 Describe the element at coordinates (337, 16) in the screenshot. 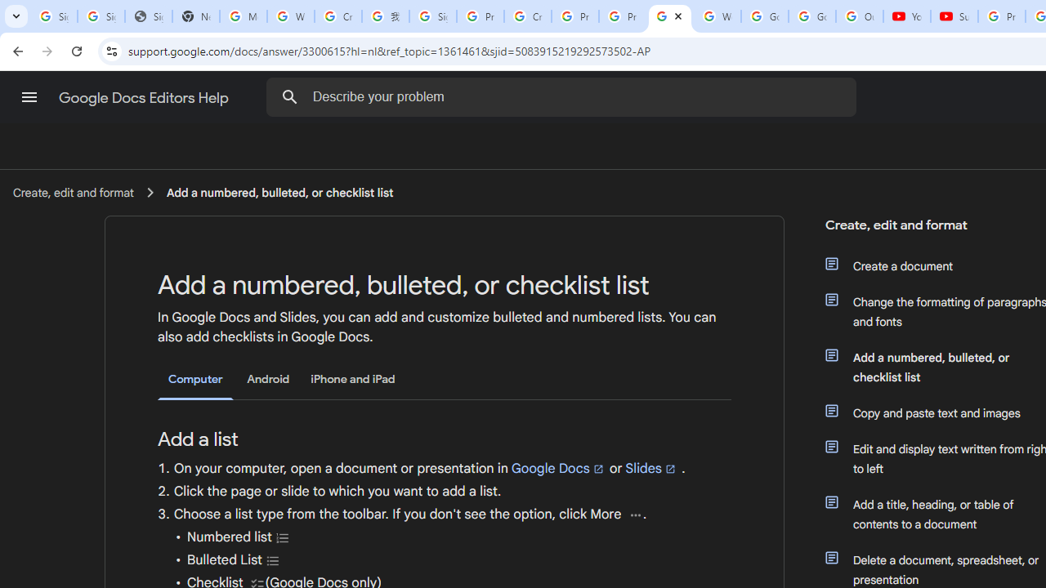

I see `'Create your Google Account'` at that location.